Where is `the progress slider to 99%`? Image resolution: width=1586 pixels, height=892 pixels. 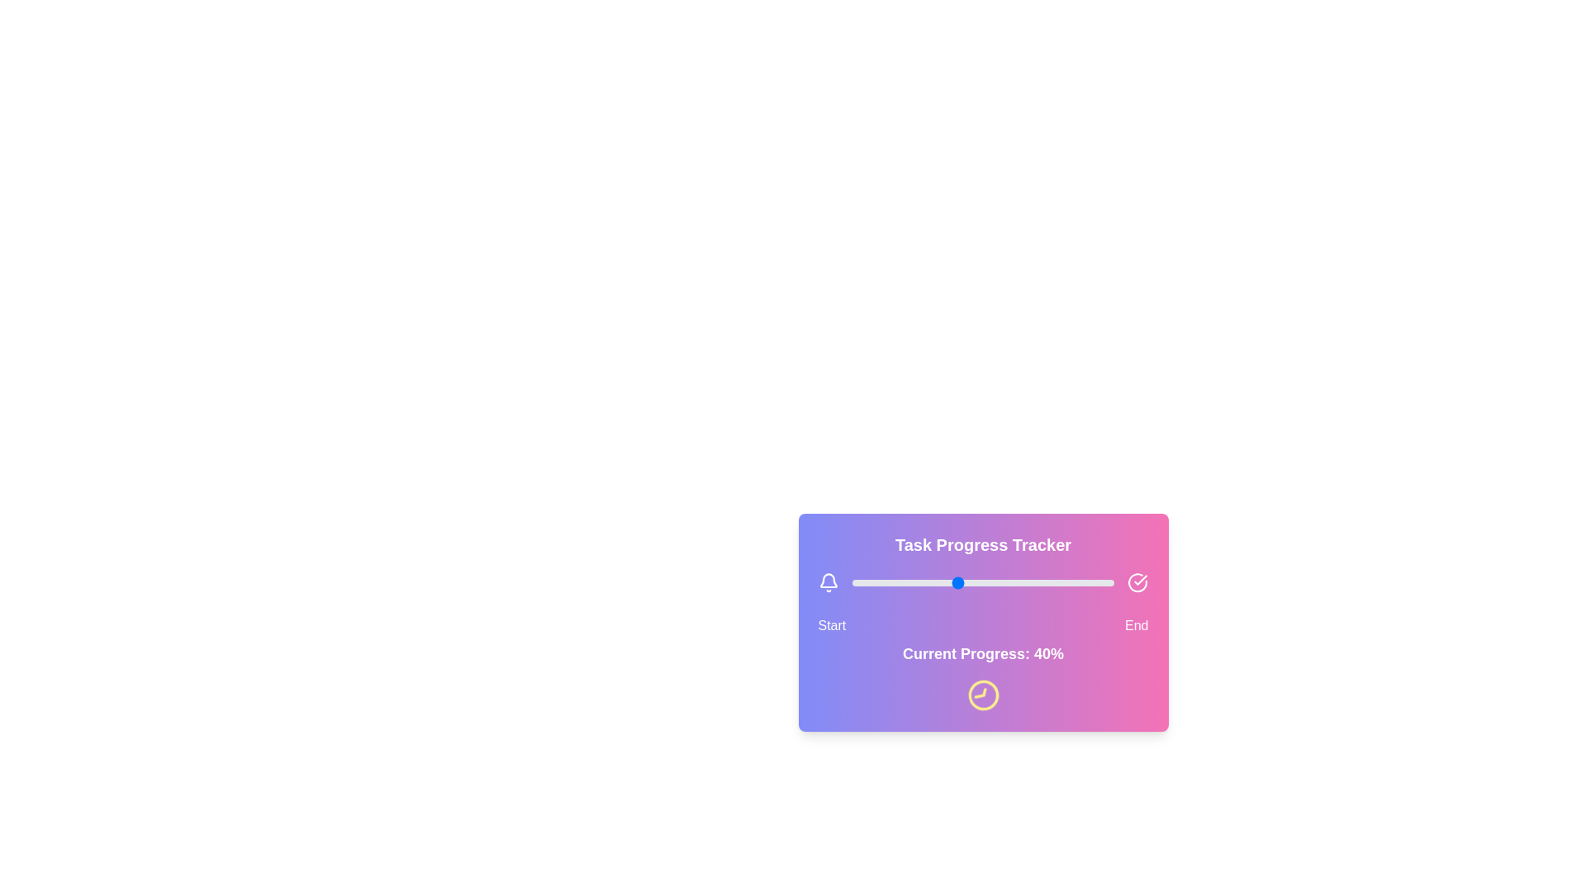
the progress slider to 99% is located at coordinates (1111, 581).